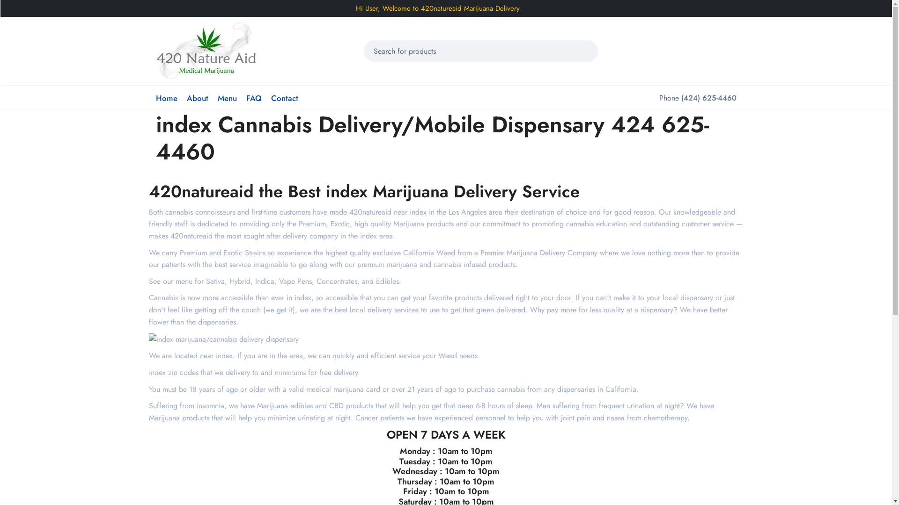 This screenshot has width=899, height=505. What do you see at coordinates (283, 98) in the screenshot?
I see `'Contact'` at bounding box center [283, 98].